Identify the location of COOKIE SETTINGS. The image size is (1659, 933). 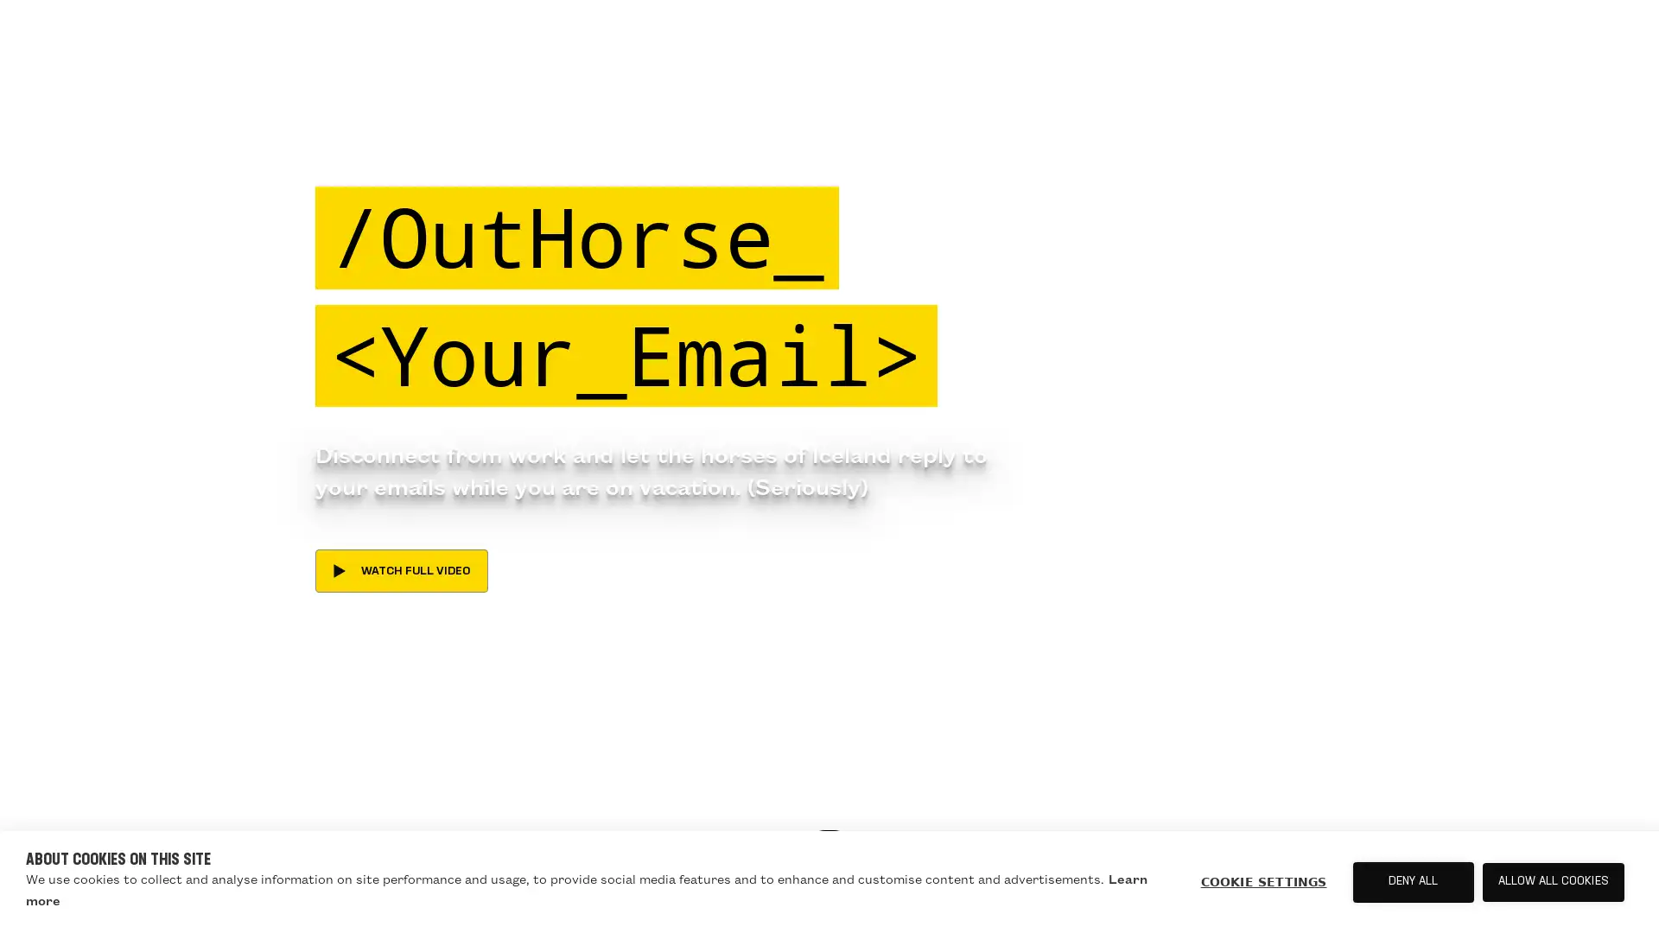
(1263, 881).